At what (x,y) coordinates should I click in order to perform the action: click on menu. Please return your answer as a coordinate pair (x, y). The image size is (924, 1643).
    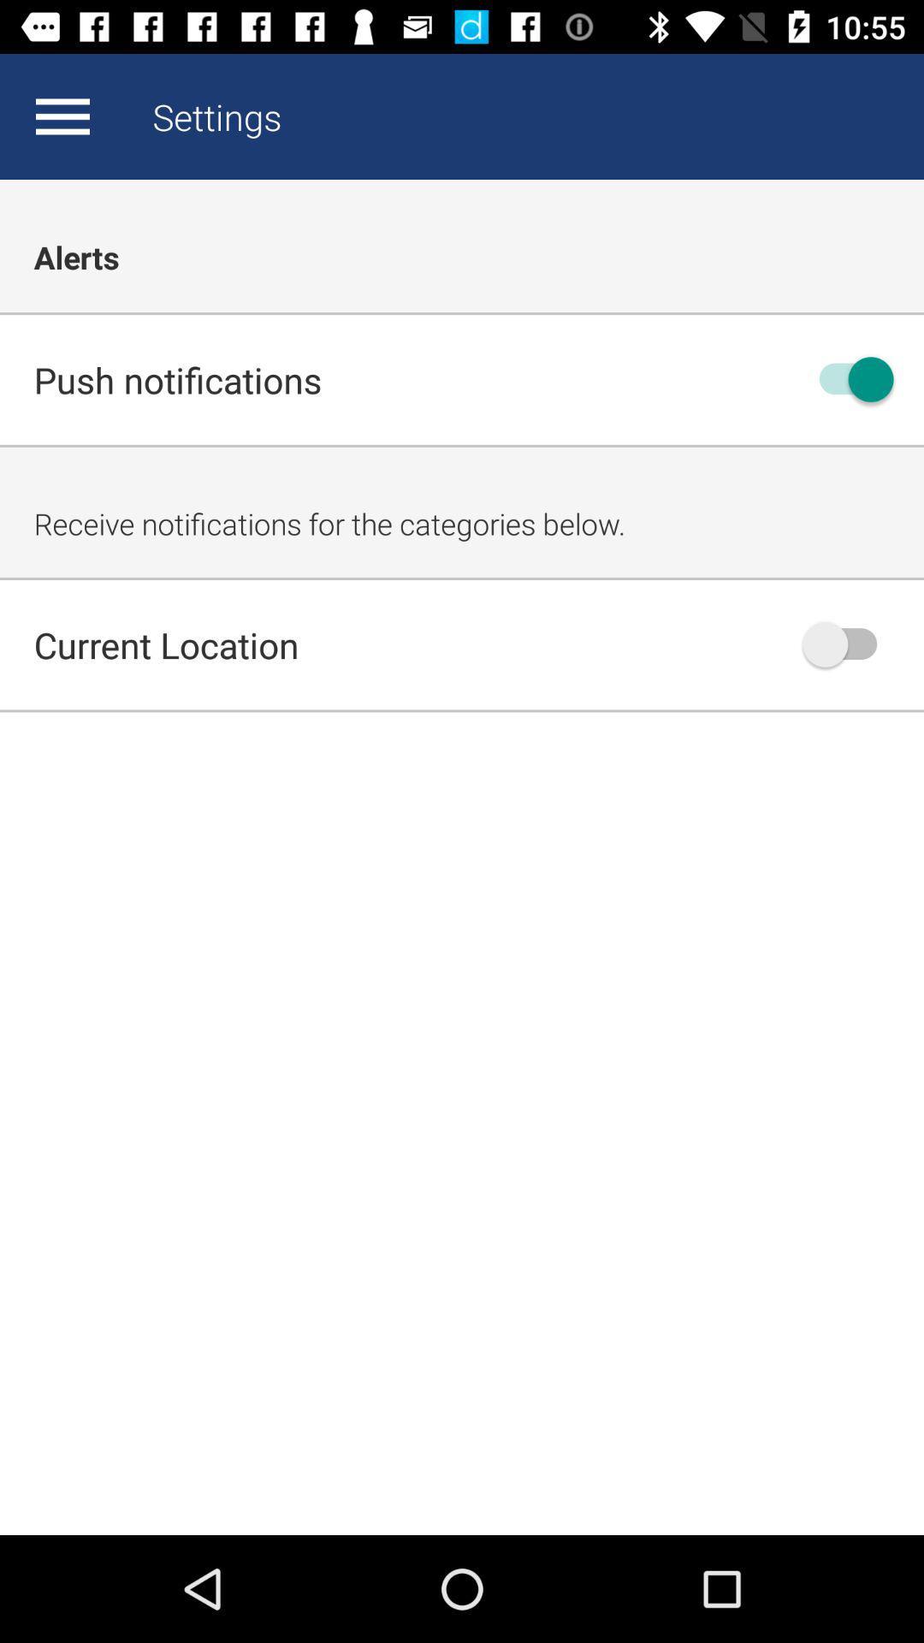
    Looking at the image, I should click on (62, 116).